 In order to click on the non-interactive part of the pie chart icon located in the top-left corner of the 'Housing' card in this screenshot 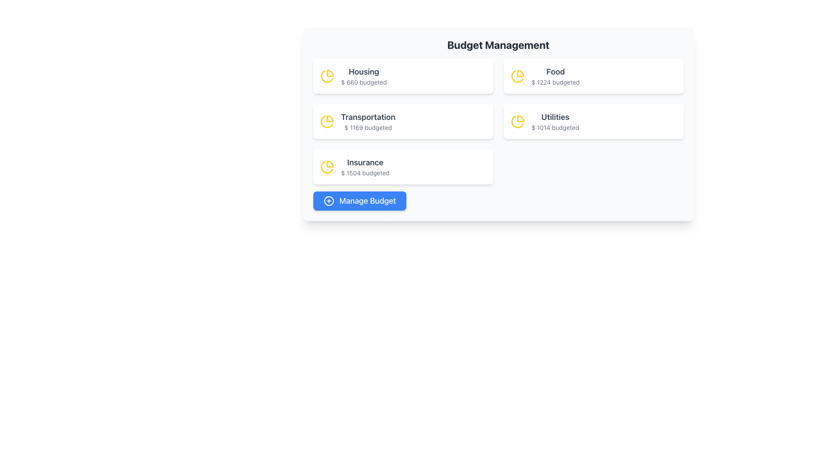, I will do `click(329, 73)`.